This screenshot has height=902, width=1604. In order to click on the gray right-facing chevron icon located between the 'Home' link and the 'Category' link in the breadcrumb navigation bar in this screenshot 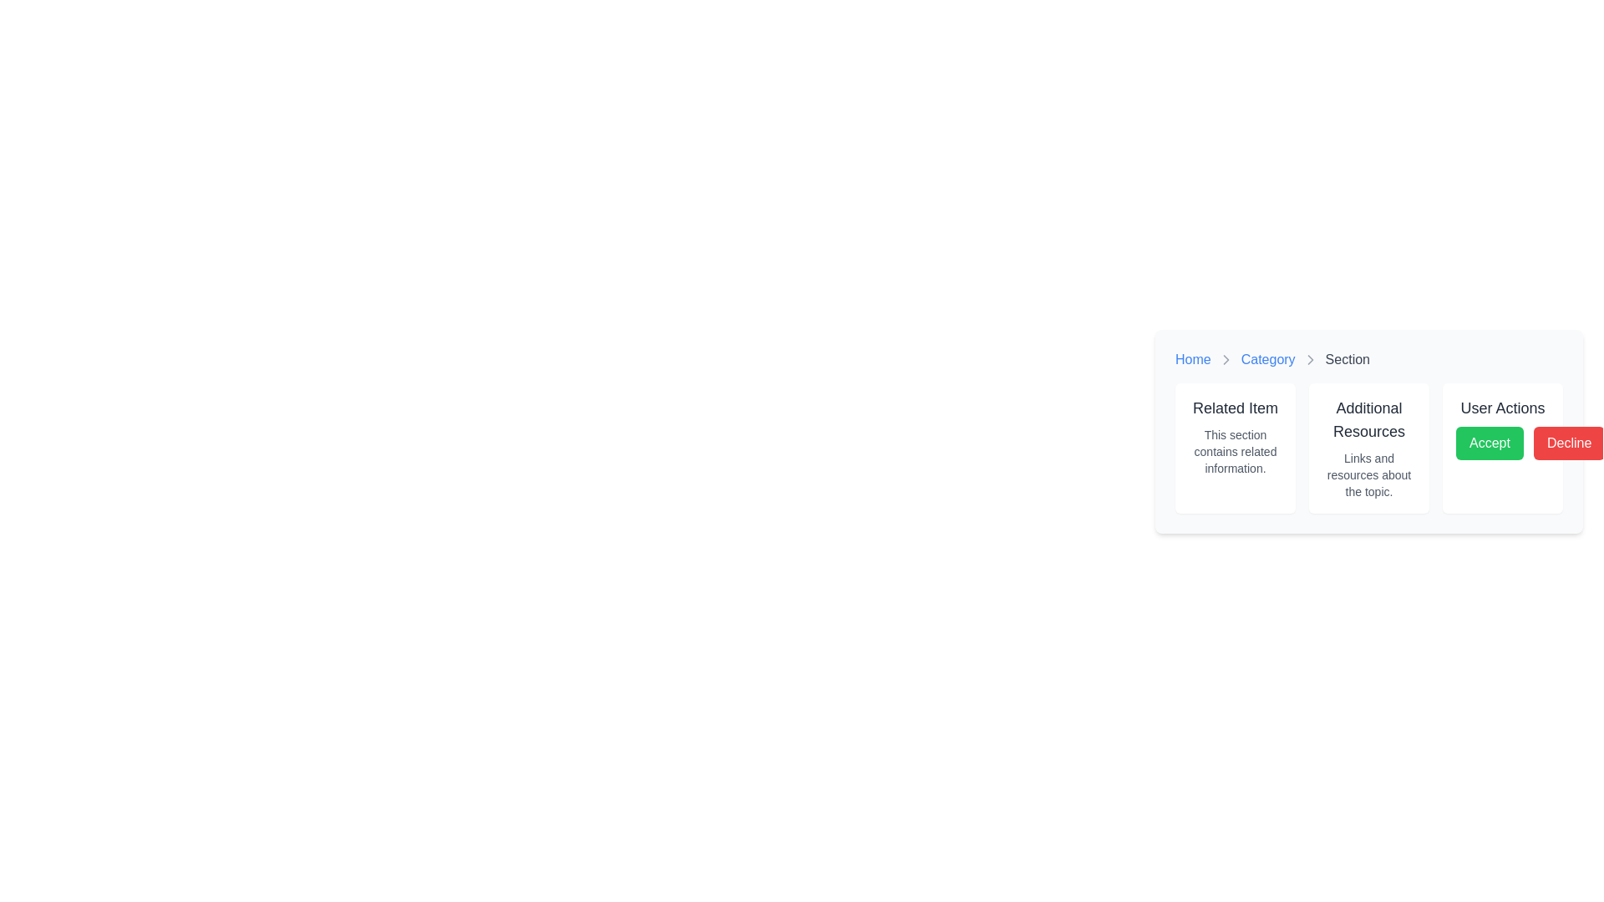, I will do `click(1226, 359)`.